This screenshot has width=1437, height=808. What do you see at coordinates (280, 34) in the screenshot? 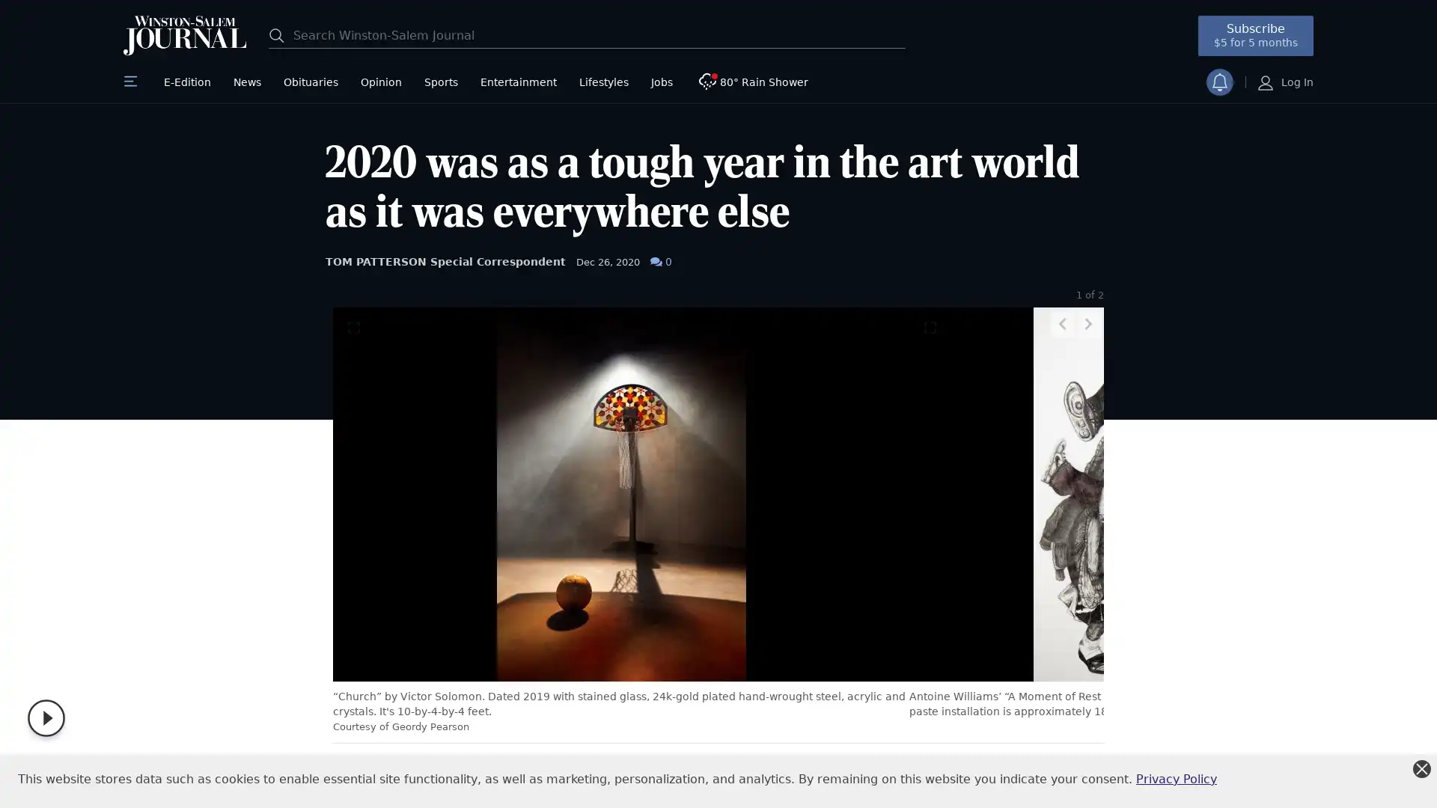
I see `Submit Site Search` at bounding box center [280, 34].